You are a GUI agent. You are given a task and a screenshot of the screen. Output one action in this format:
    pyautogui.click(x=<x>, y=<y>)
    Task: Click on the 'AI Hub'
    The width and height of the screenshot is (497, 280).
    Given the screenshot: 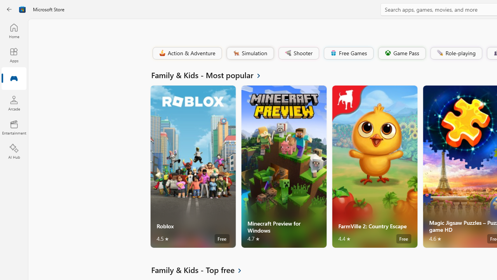 What is the action you would take?
    pyautogui.click(x=14, y=152)
    